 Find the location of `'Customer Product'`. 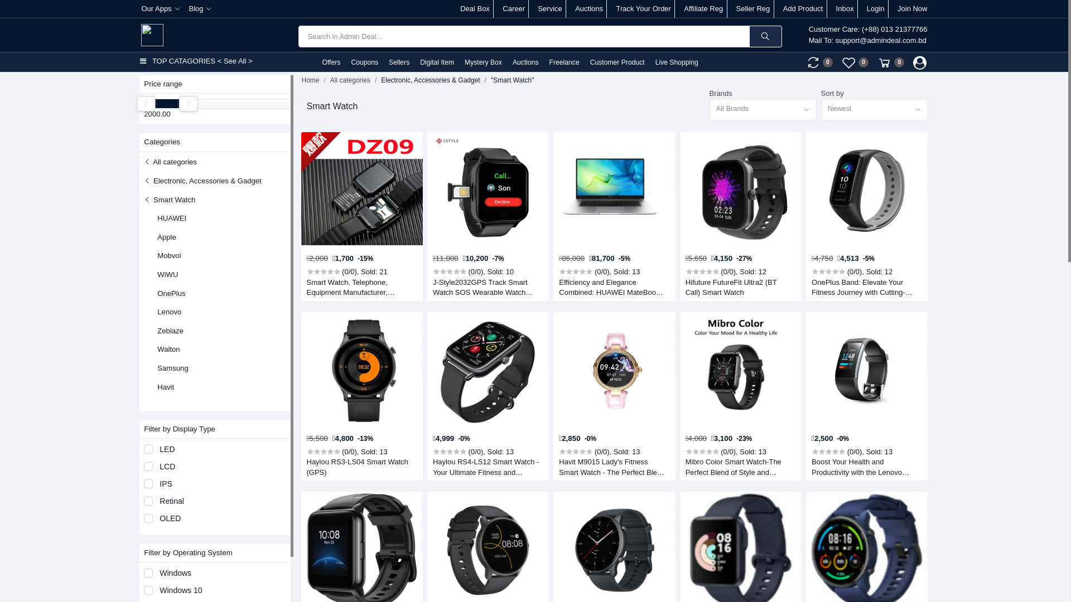

'Customer Product' is located at coordinates (616, 62).